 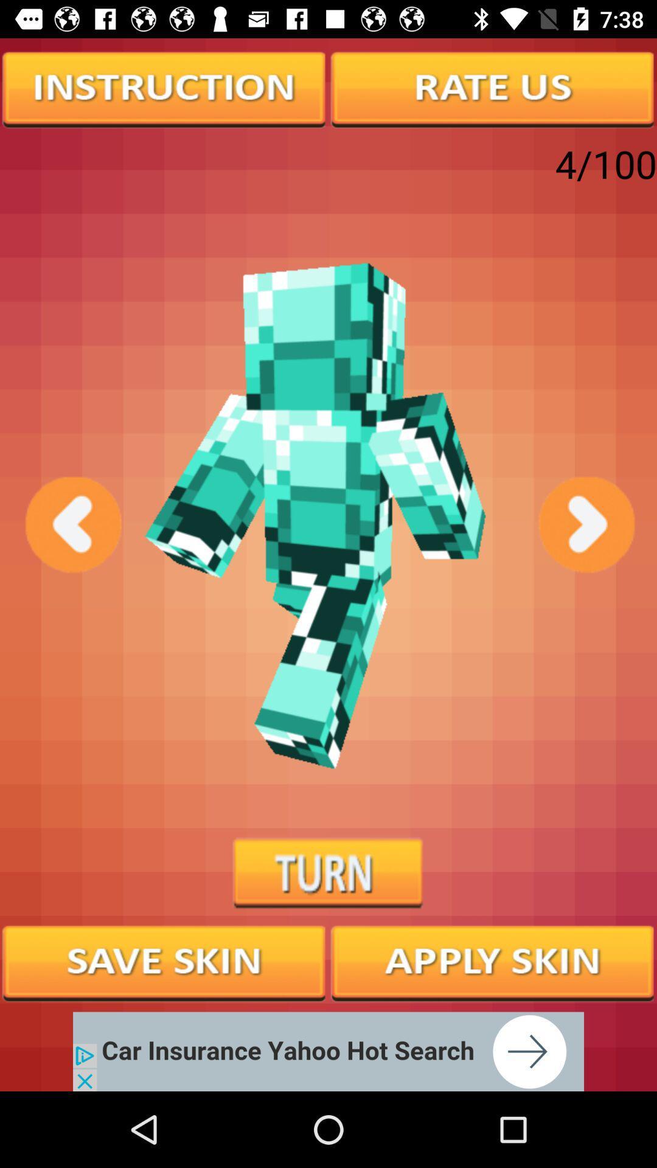 I want to click on backward, so click(x=72, y=524).